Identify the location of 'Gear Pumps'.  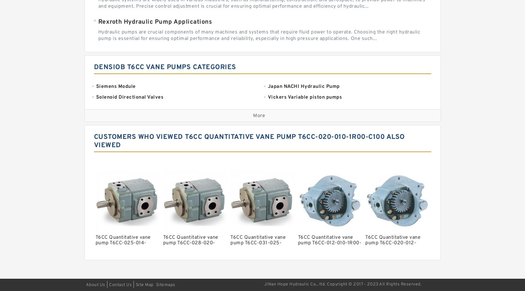
(282, 204).